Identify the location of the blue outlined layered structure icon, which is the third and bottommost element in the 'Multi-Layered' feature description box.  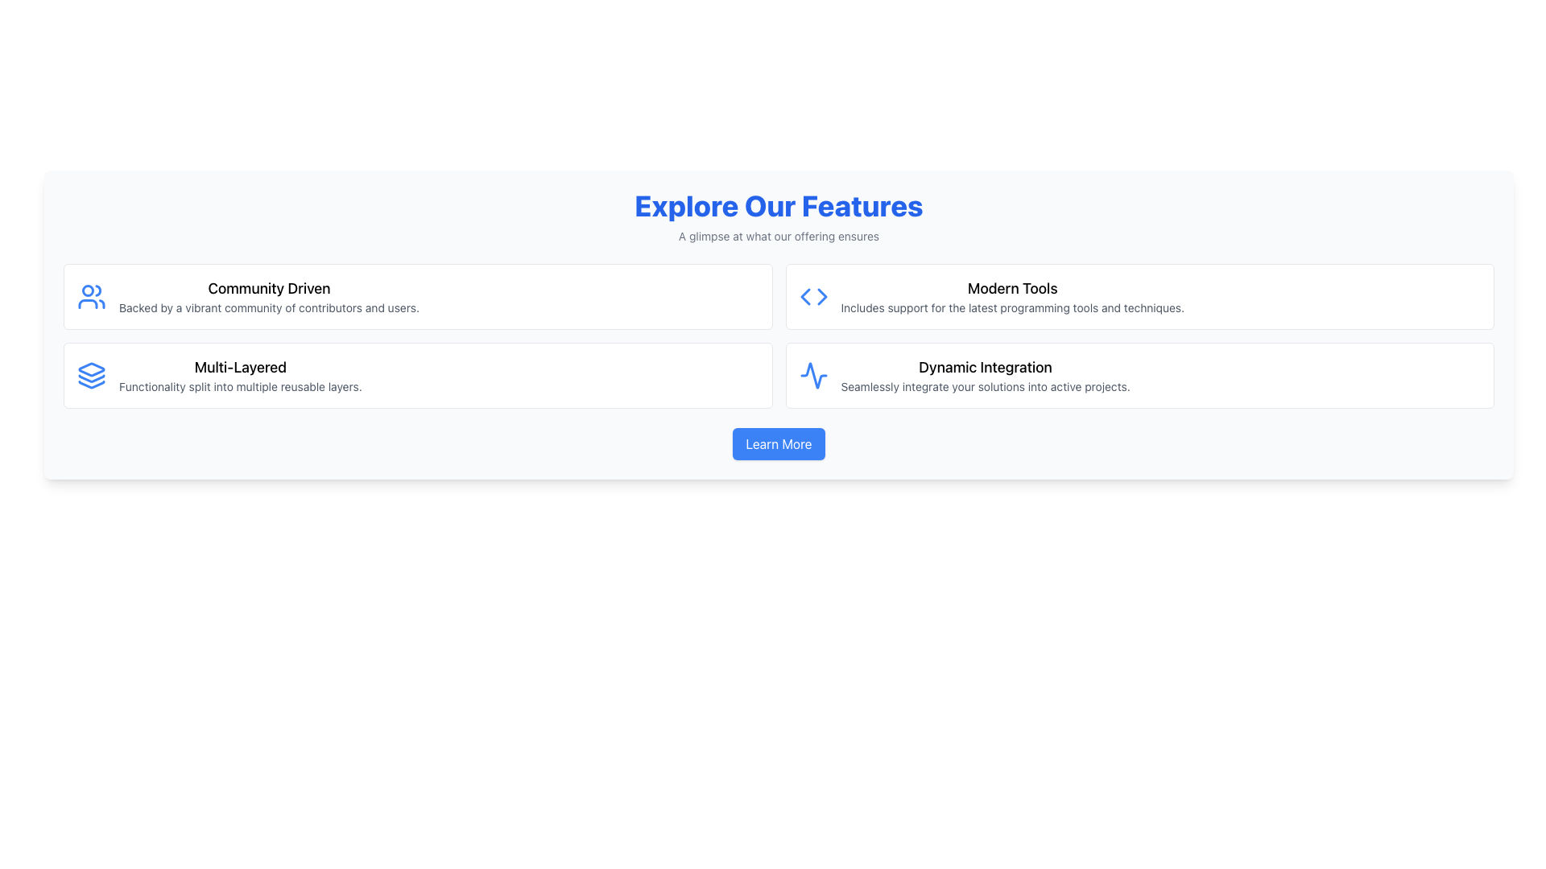
(91, 385).